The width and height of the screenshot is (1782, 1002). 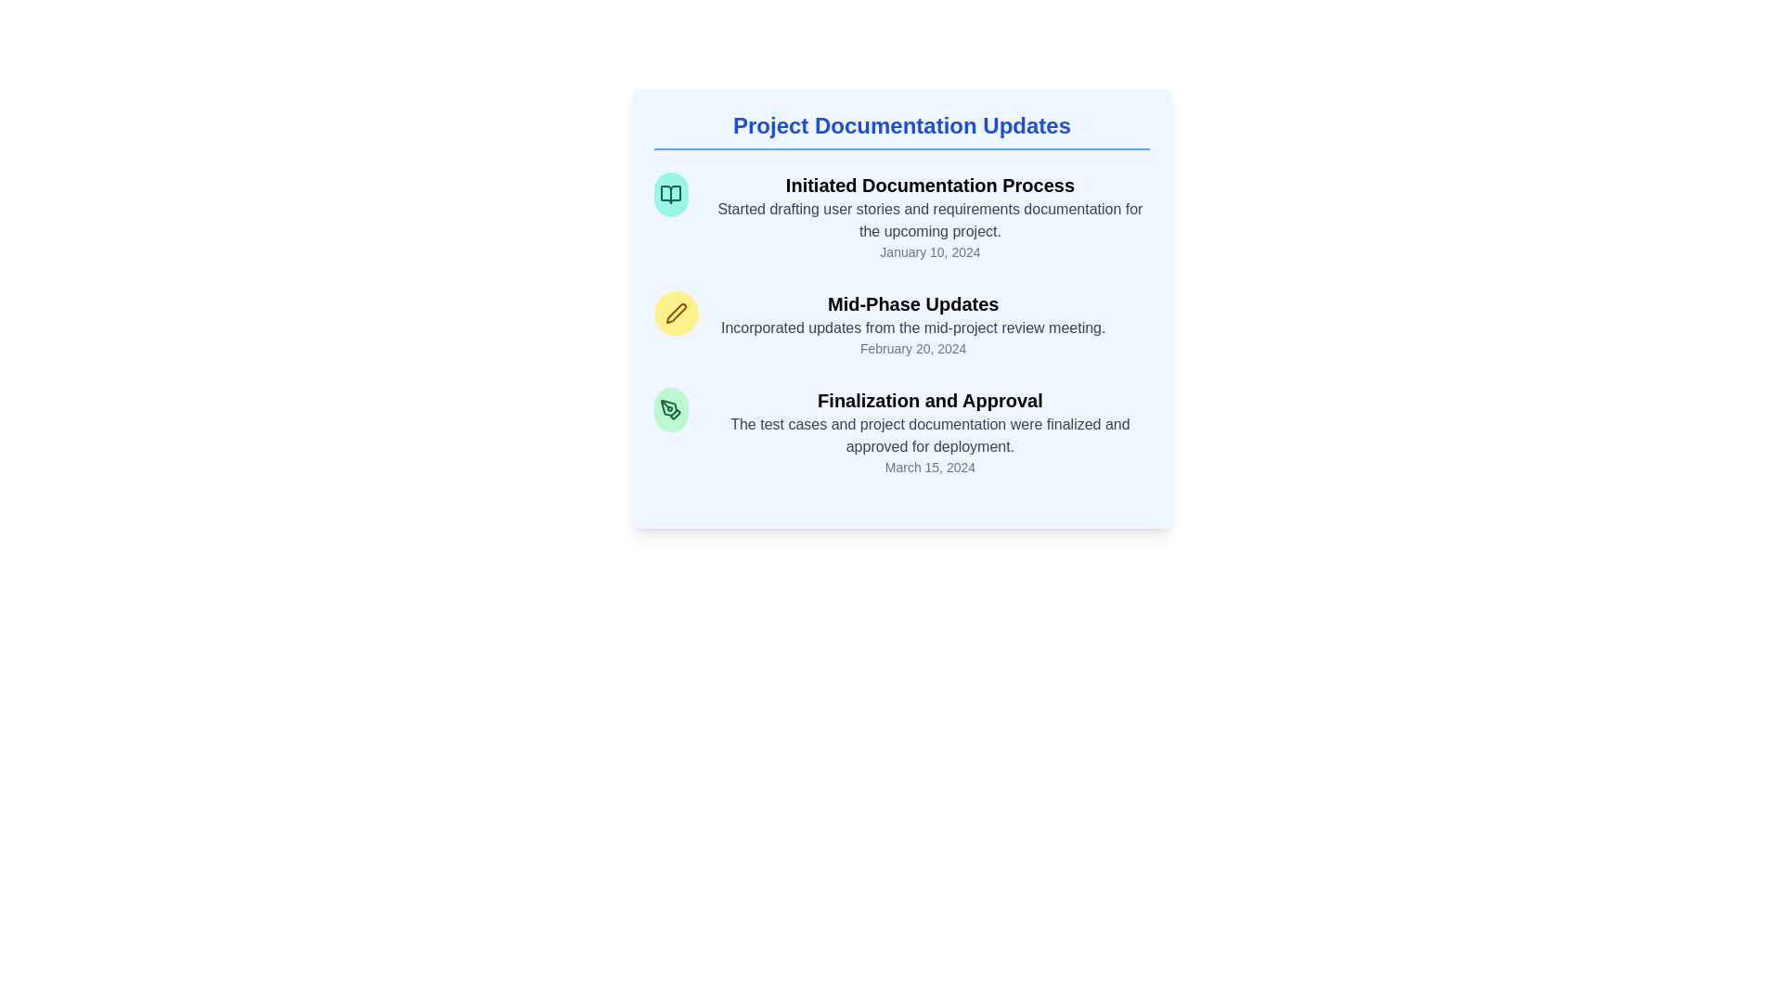 What do you see at coordinates (676, 313) in the screenshot?
I see `the circular icon with a yellow background and a brown pen icon, located to the left of the 'Mid-Phase Updates' text` at bounding box center [676, 313].